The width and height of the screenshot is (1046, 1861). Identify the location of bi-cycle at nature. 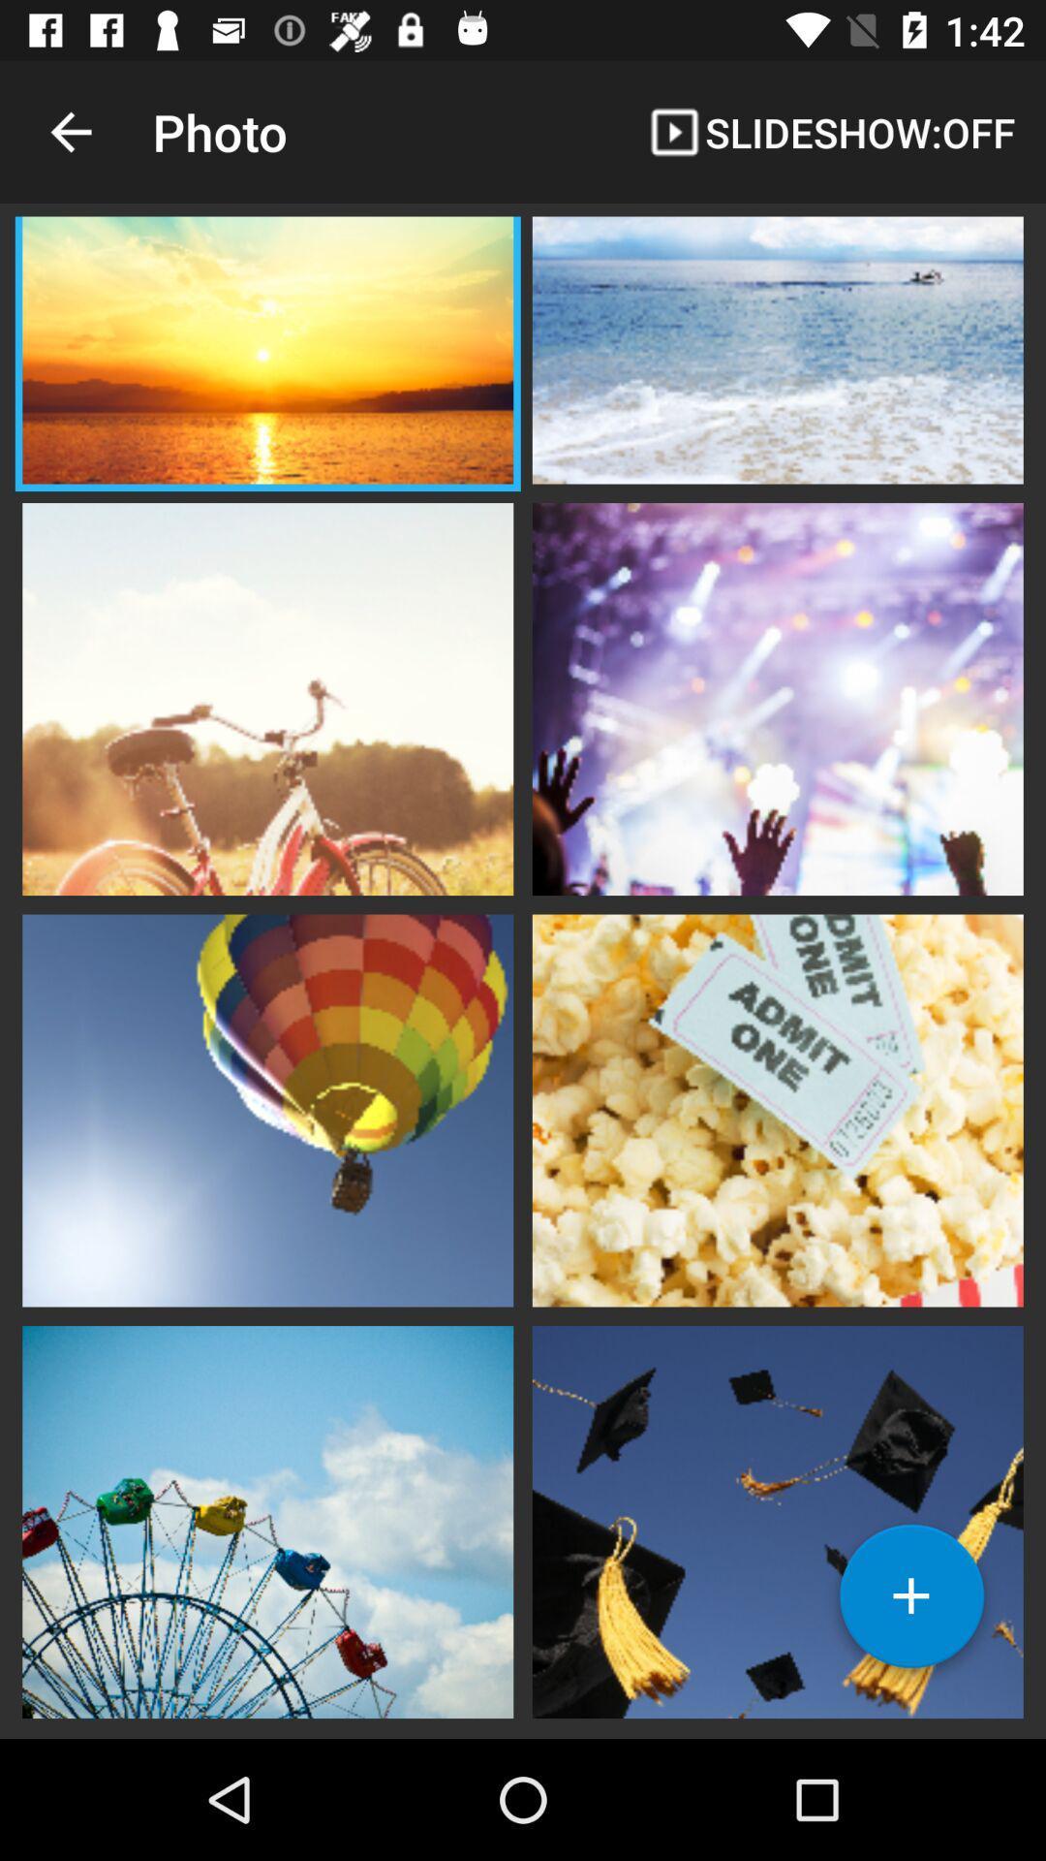
(267, 697).